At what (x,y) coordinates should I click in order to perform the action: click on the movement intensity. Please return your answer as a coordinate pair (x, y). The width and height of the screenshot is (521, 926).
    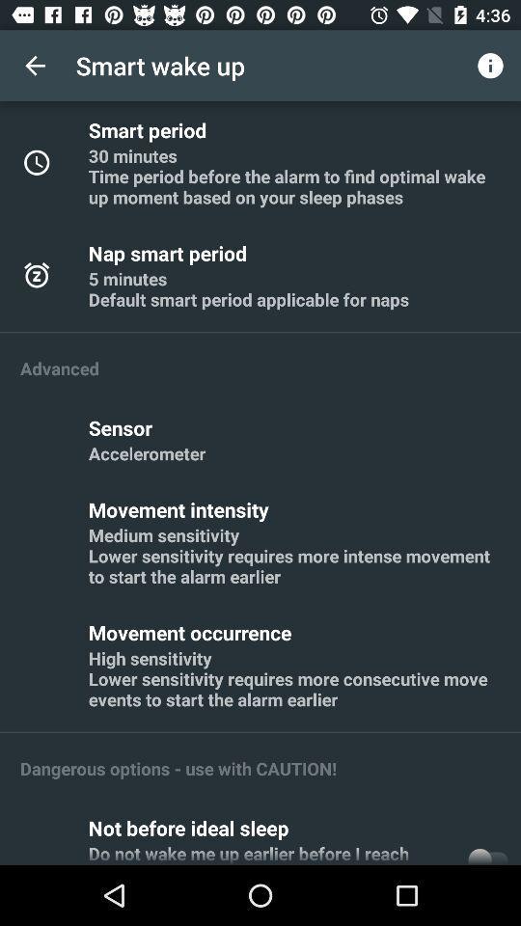
    Looking at the image, I should click on (181, 508).